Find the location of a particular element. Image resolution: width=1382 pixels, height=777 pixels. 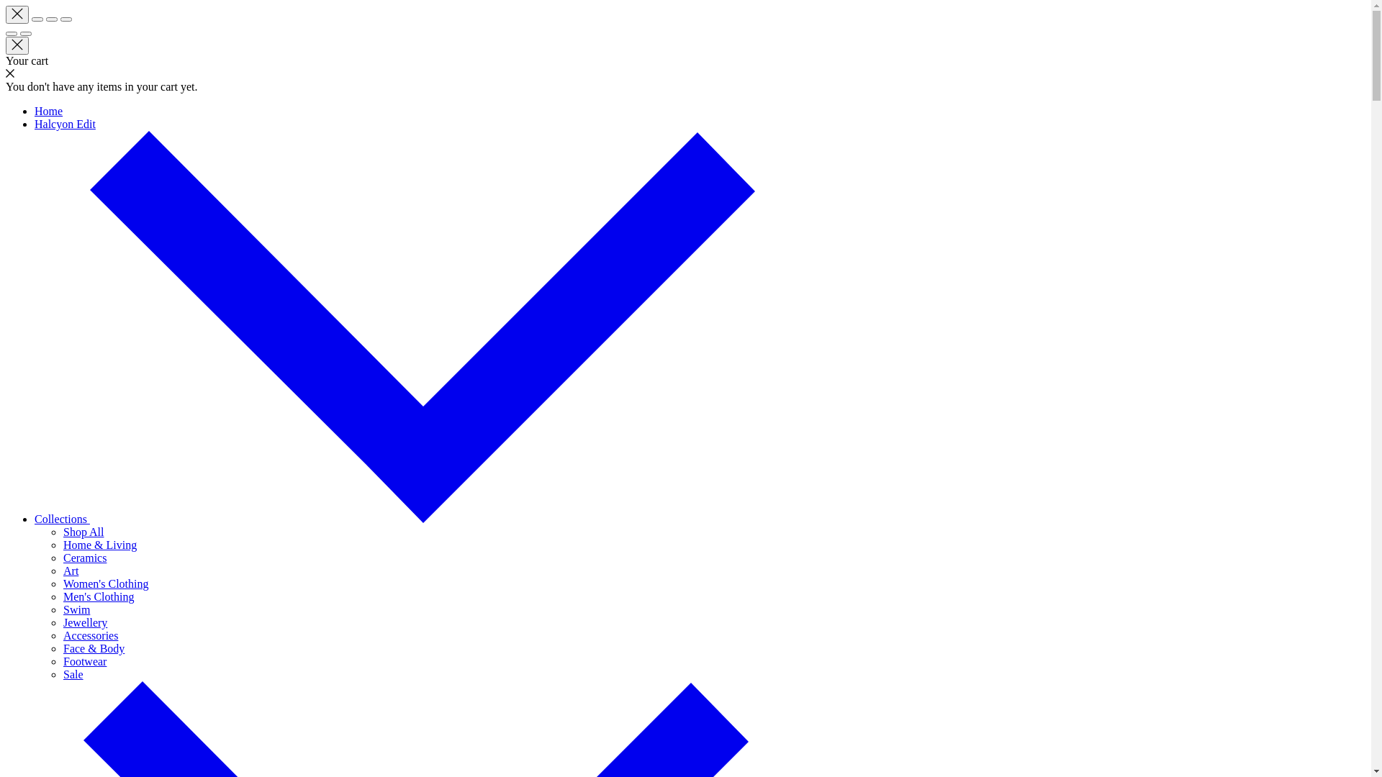

'Face & Body' is located at coordinates (93, 648).